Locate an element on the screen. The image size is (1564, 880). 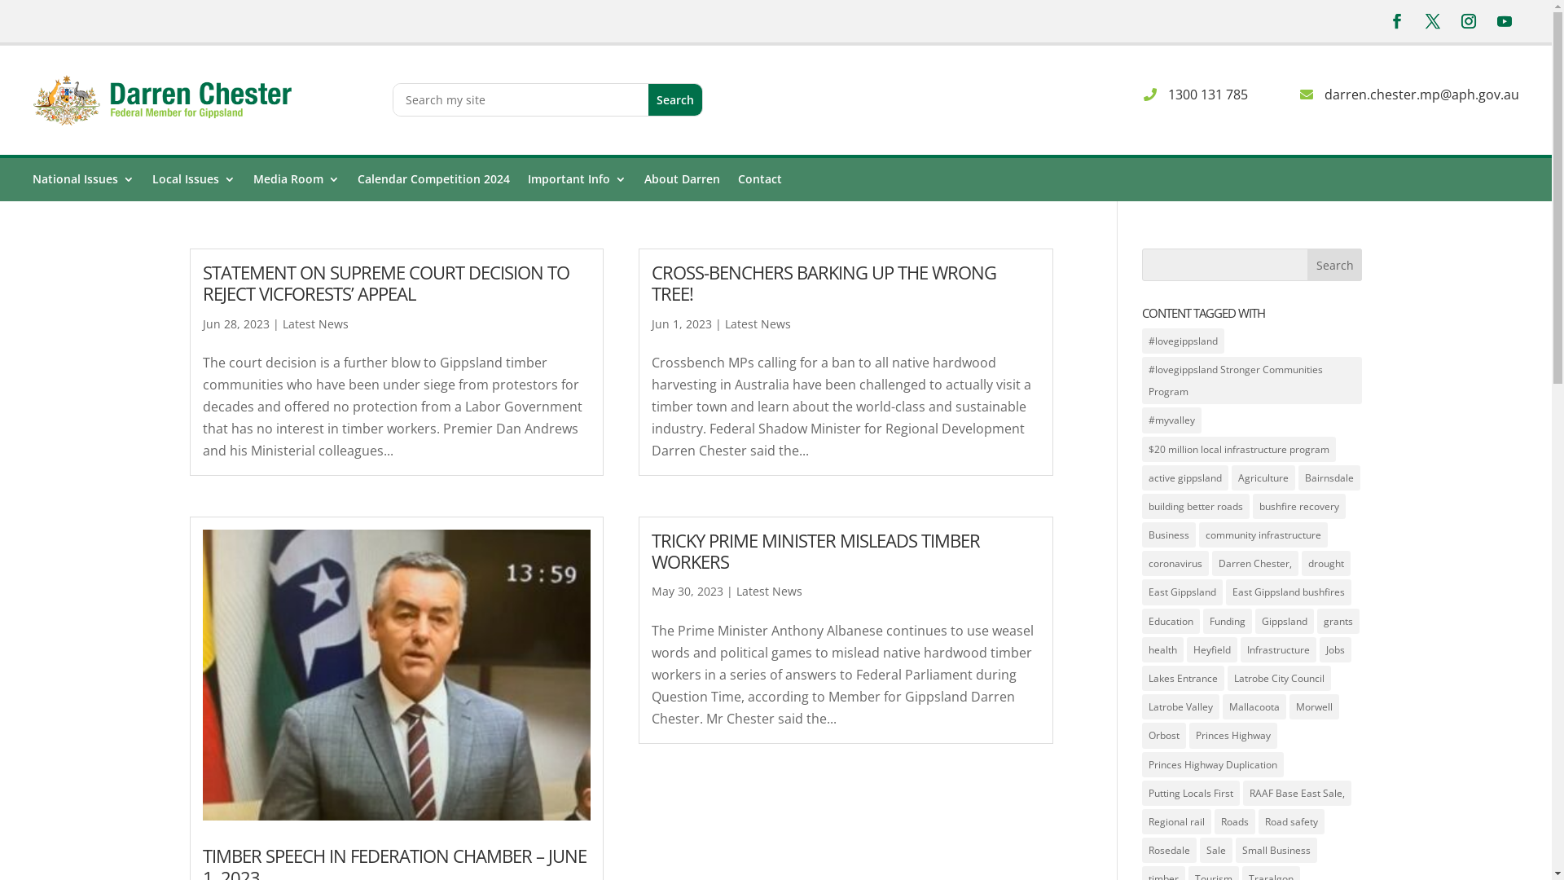
'Agriculture' is located at coordinates (1262, 477).